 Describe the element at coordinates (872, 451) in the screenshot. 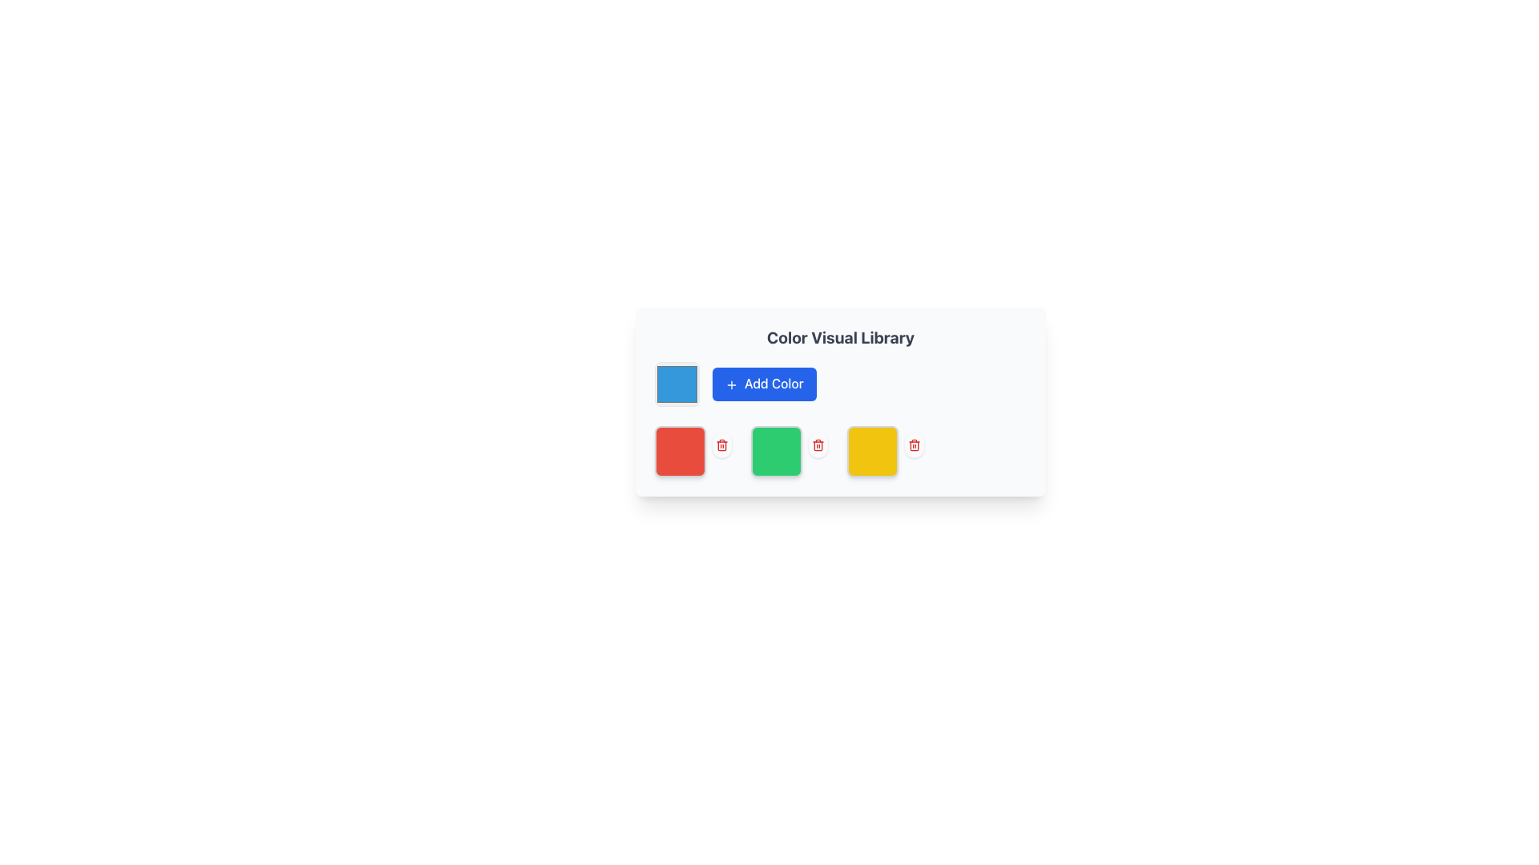

I see `the fourth color tile from the left in the bottom row of the 'Color Visual Library'` at that location.